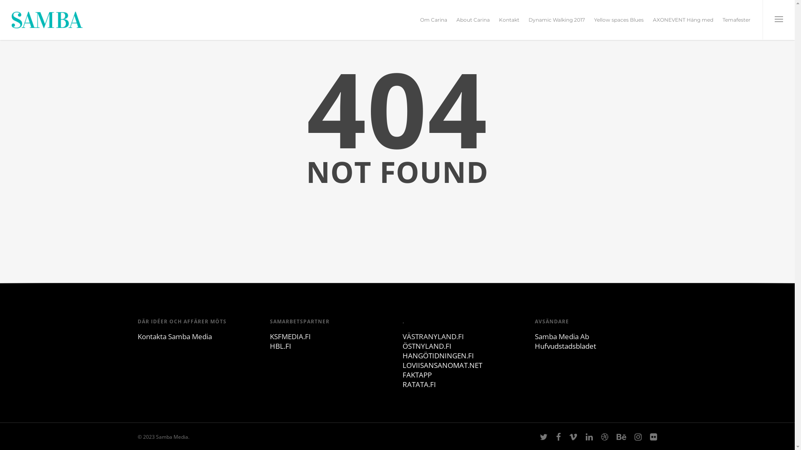  Describe the element at coordinates (562, 336) in the screenshot. I see `'Samba Media Ab'` at that location.